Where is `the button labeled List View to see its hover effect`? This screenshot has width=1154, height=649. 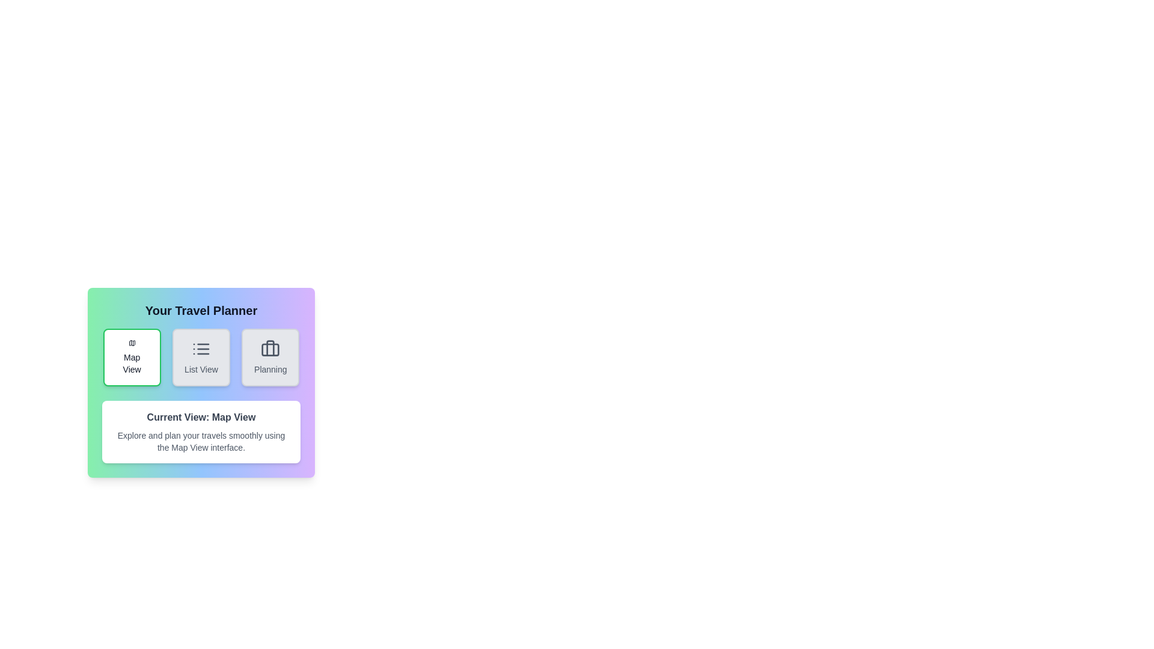
the button labeled List View to see its hover effect is located at coordinates (201, 356).